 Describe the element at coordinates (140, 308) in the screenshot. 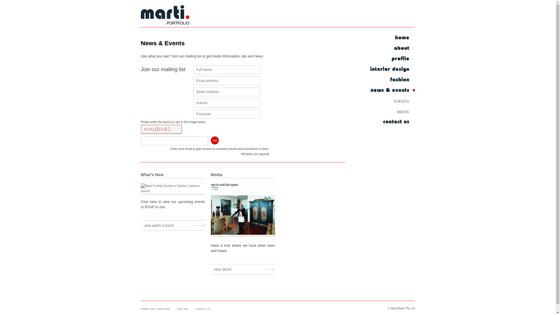

I see `'terms and conditions'` at that location.